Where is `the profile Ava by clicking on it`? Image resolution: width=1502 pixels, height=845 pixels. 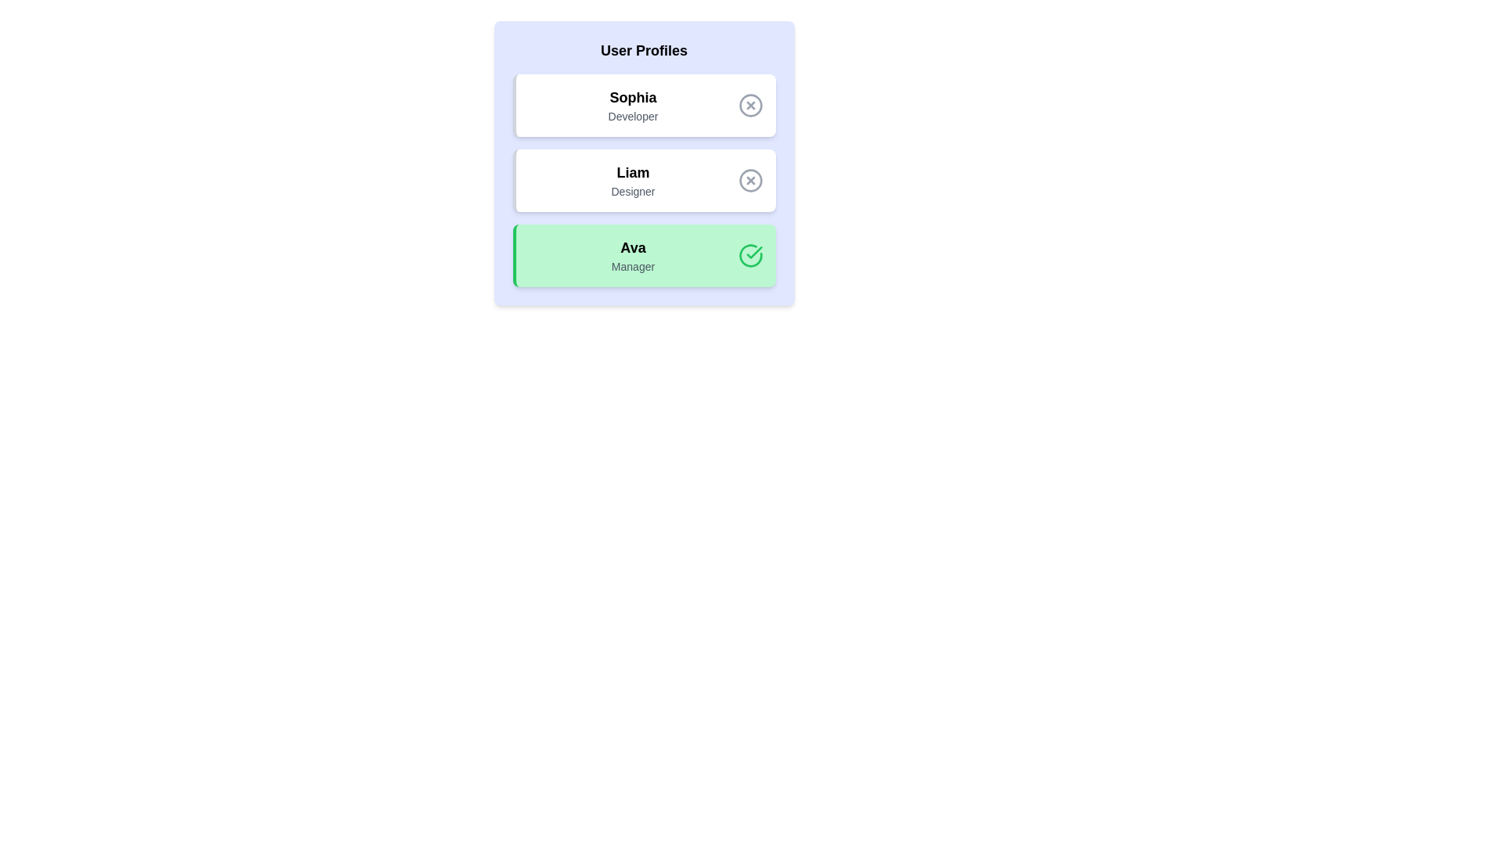 the profile Ava by clicking on it is located at coordinates (644, 255).